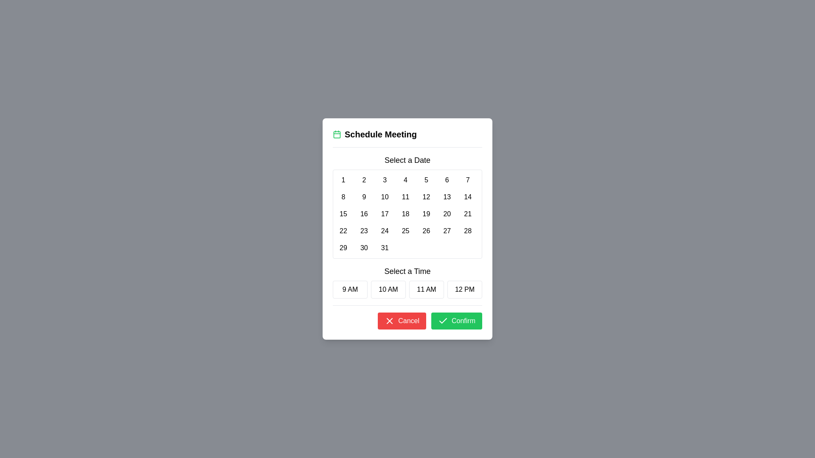  What do you see at coordinates (426, 197) in the screenshot?
I see `the selectable date option button located in the second row and fifth column of the calendar interface to observe the hover effects` at bounding box center [426, 197].